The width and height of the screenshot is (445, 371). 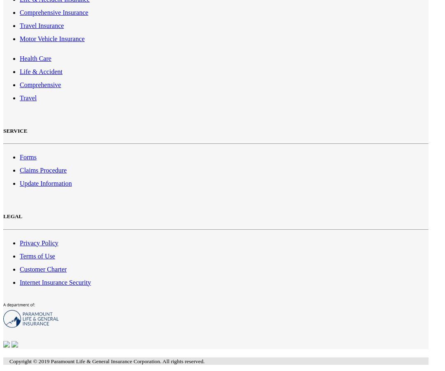 What do you see at coordinates (20, 242) in the screenshot?
I see `'Privacy Policy'` at bounding box center [20, 242].